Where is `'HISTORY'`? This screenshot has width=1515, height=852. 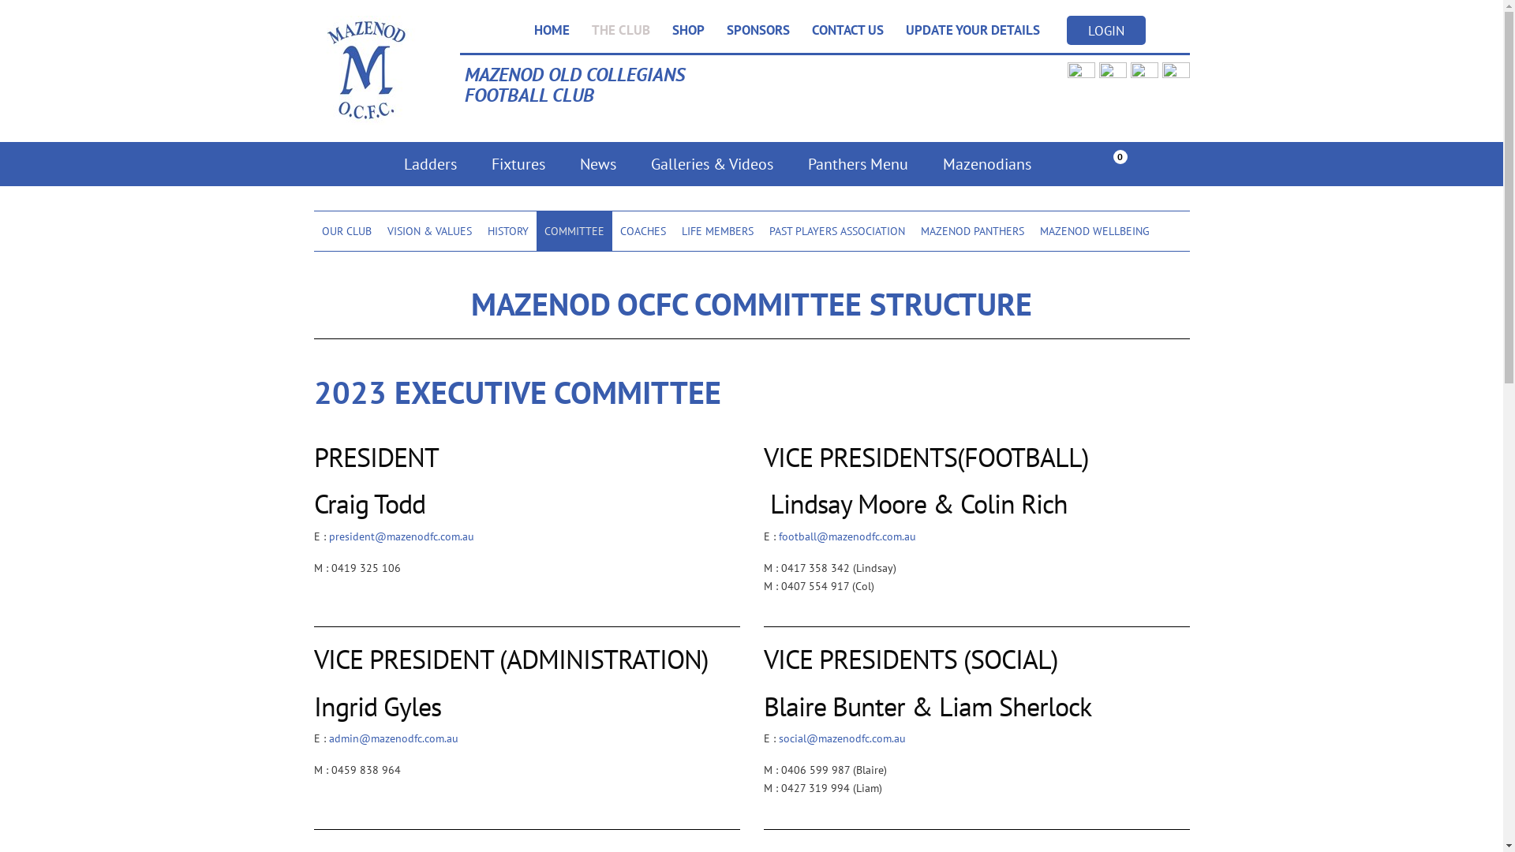 'HISTORY' is located at coordinates (507, 231).